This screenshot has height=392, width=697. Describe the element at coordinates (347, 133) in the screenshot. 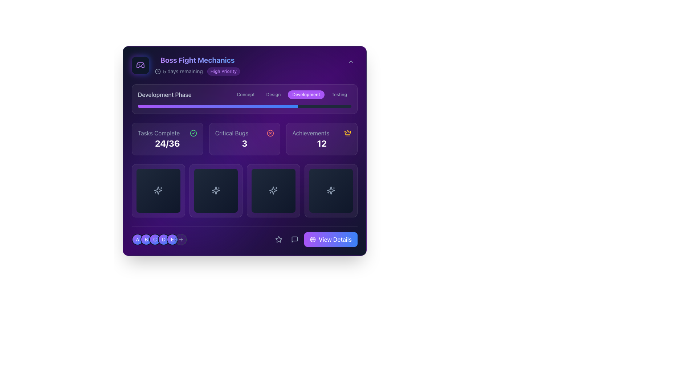

I see `the bold amber crown icon` at that location.